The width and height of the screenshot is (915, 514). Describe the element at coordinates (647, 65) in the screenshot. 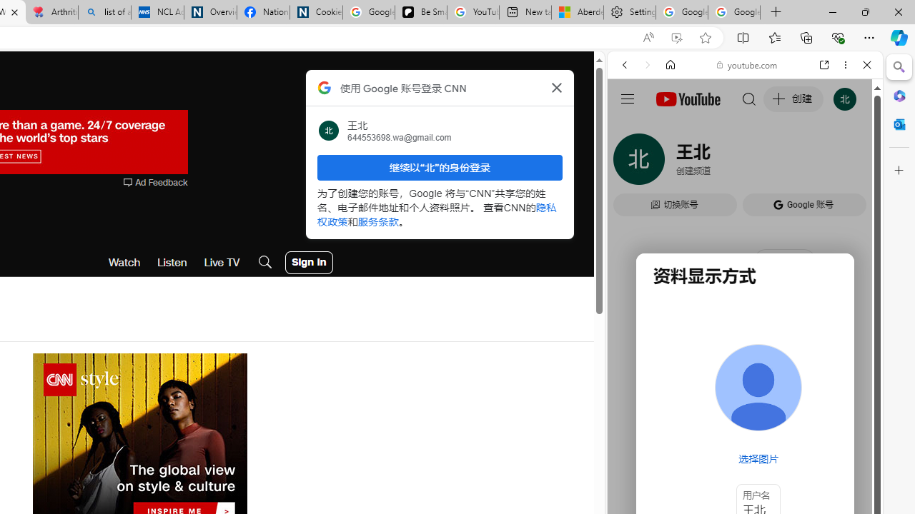

I see `'Forward'` at that location.